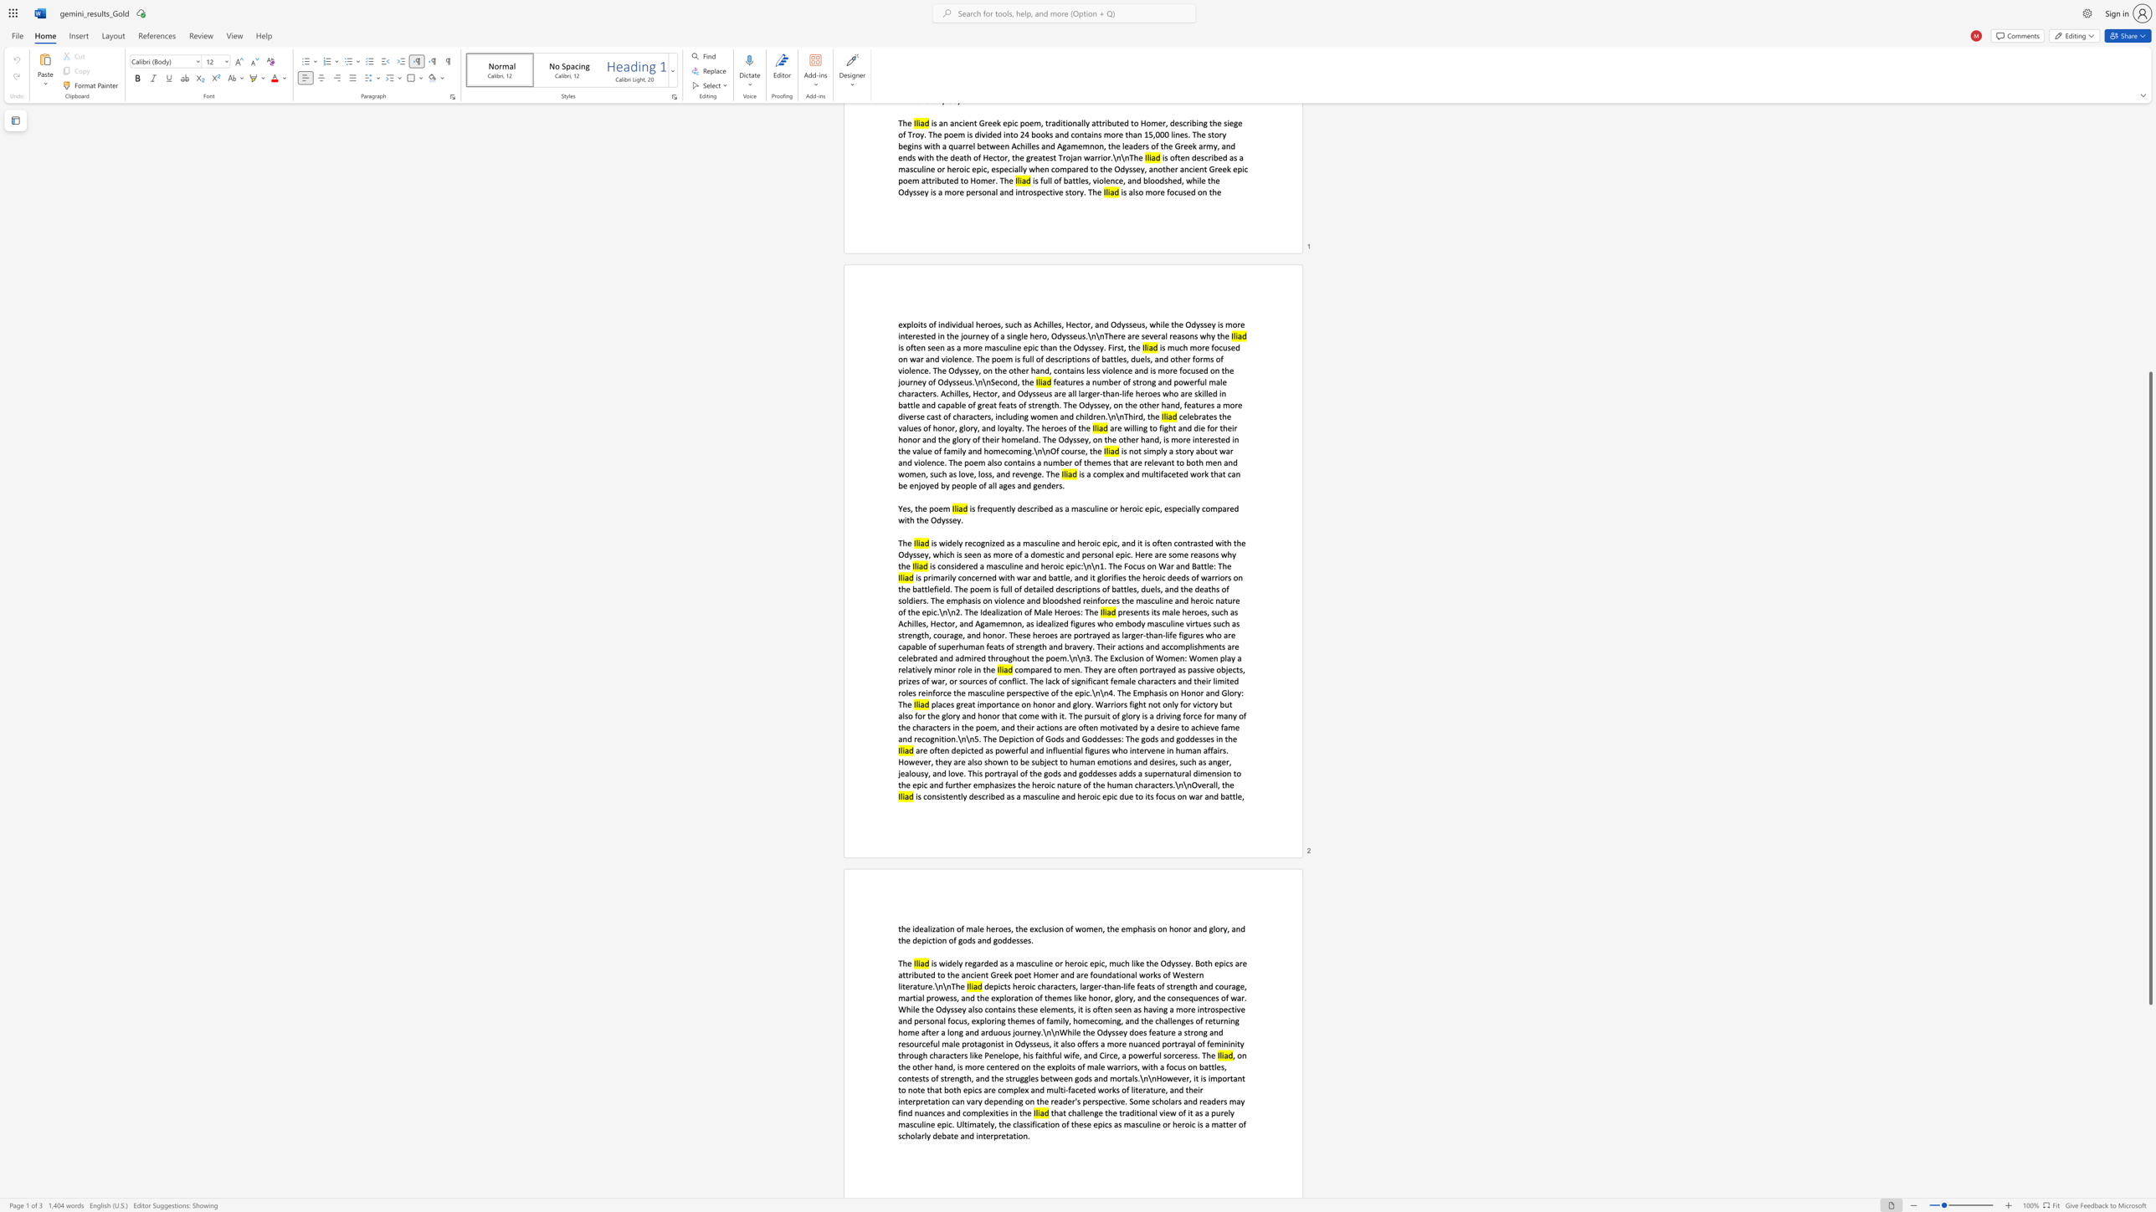  What do you see at coordinates (2149, 325) in the screenshot?
I see `the vertical scrollbar to raise the page content` at bounding box center [2149, 325].